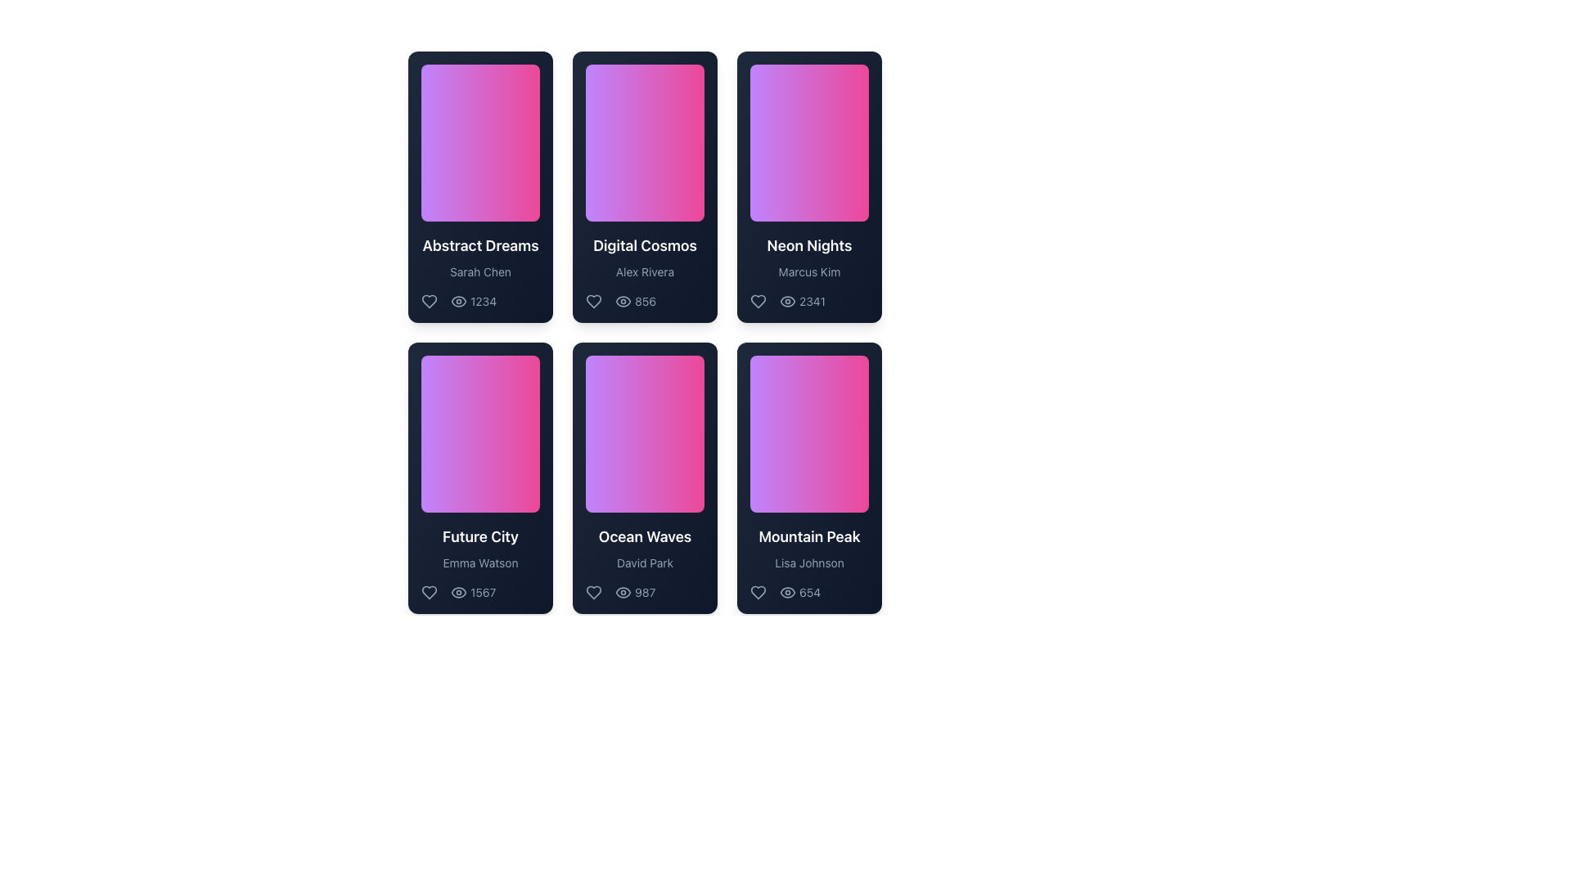 This screenshot has height=883, width=1571. Describe the element at coordinates (644, 593) in the screenshot. I see `the text label indicating the number of views located at the bottom center of the 'Ocean Waves' card by 'David Park' to interact with the tooltip if it exists` at that location.